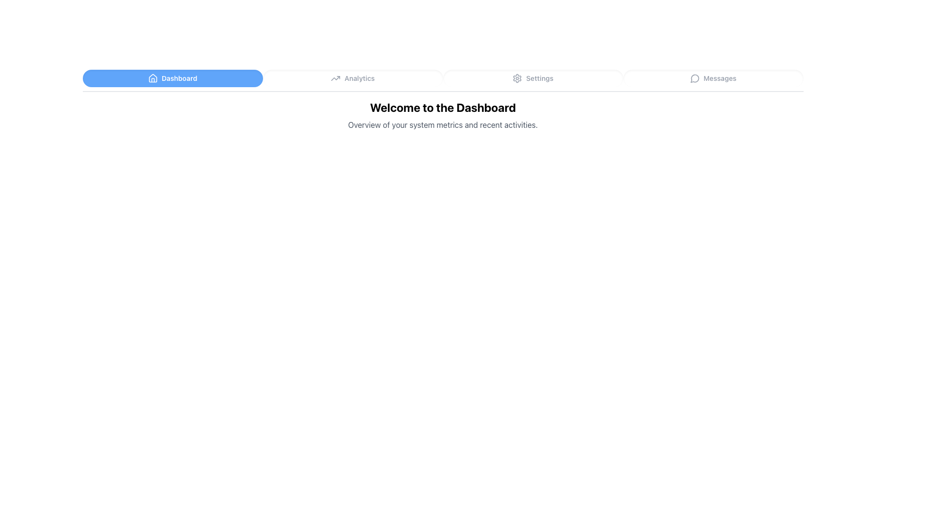 The width and height of the screenshot is (930, 523). I want to click on the gear icon in the 'Settings' tab of the navigation bar, so click(517, 78).